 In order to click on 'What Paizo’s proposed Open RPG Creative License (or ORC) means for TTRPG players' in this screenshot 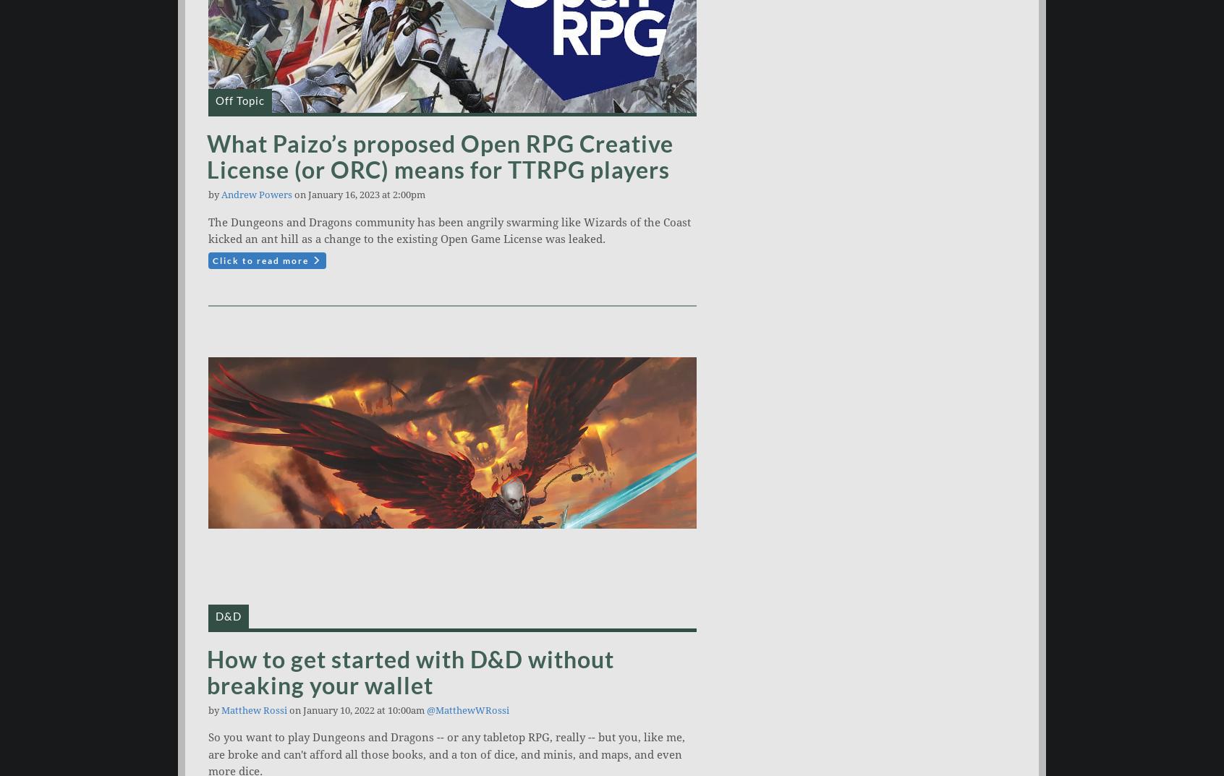, I will do `click(439, 156)`.